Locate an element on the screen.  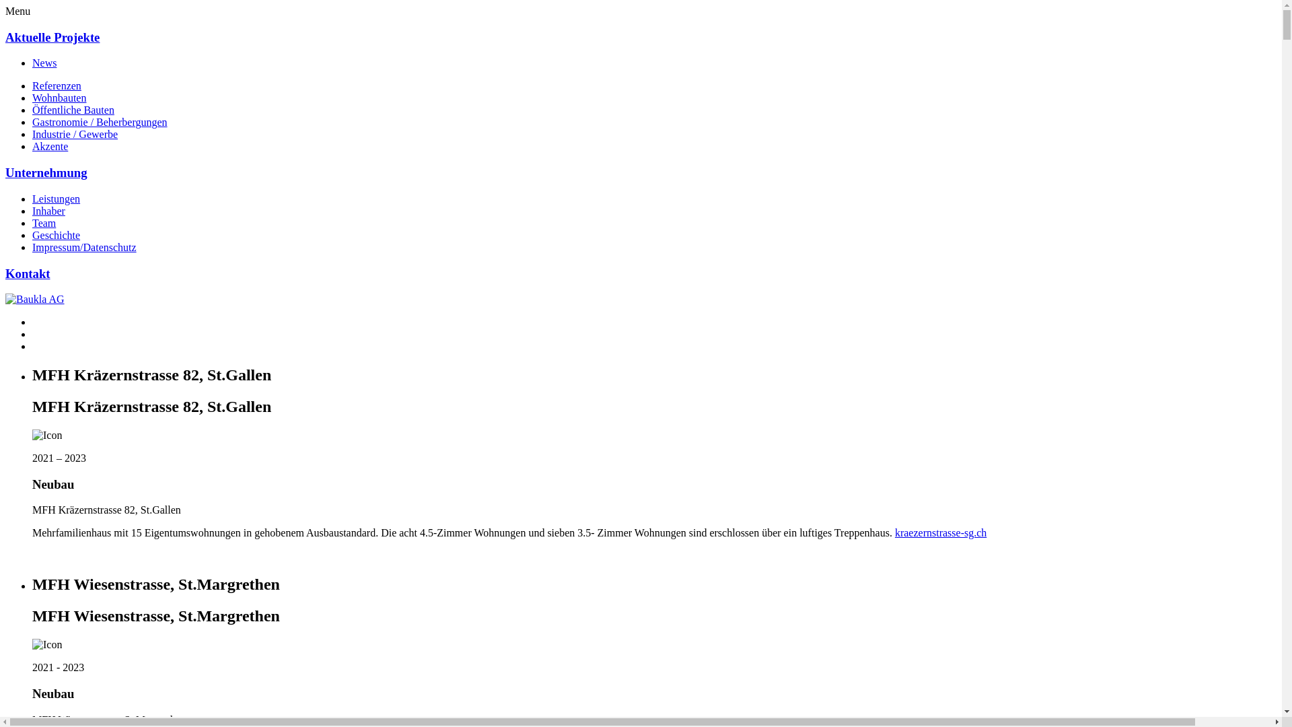
'Wohnbauten' is located at coordinates (32, 97).